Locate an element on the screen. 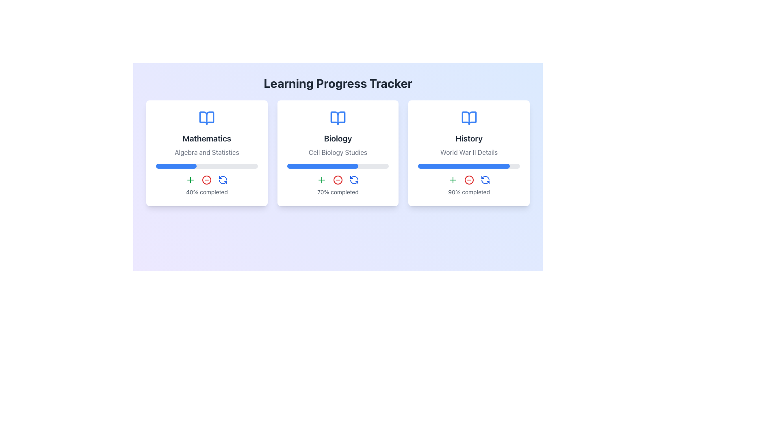 This screenshot has width=780, height=439. the text label displaying 'Biology' in bold at the top center of the card, which is above the subtitle 'Cell Biology Studies' is located at coordinates (338, 138).